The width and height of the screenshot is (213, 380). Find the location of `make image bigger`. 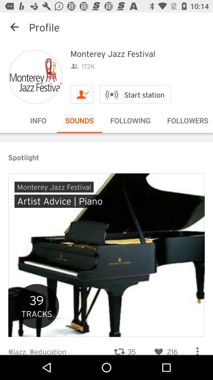

make image bigger is located at coordinates (35, 77).